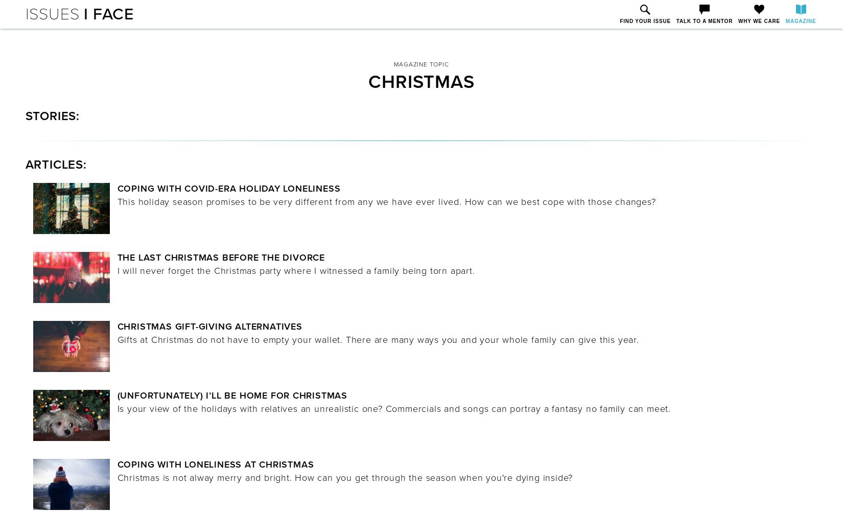  I want to click on 'This holiday season promises to be very different from any we have ever lived. How can we best cope with those changes?', so click(386, 202).